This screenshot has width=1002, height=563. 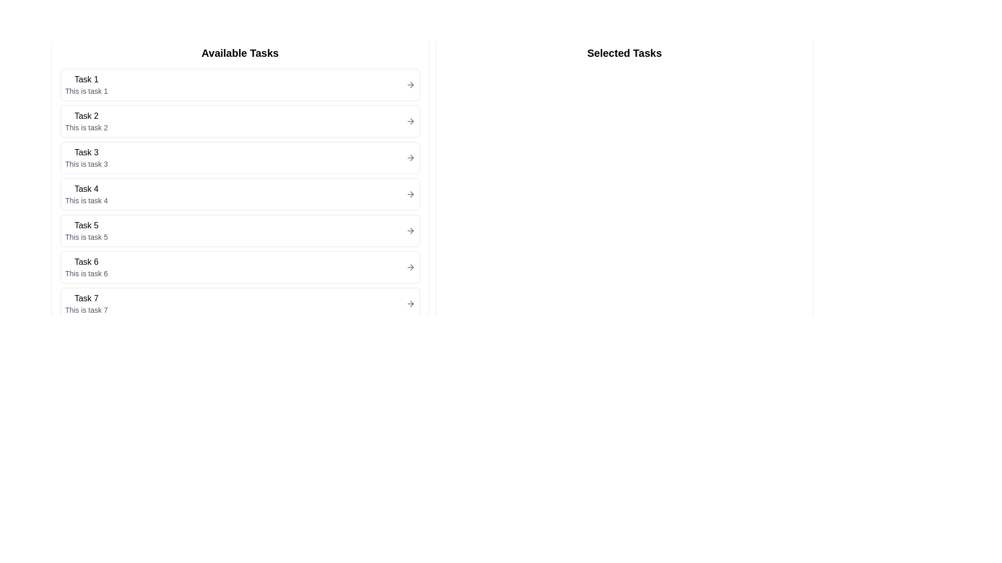 I want to click on the right-pointing arrow icon button located at the far right of the 'Task 5' block to proceed to the next step or page, so click(x=410, y=230).